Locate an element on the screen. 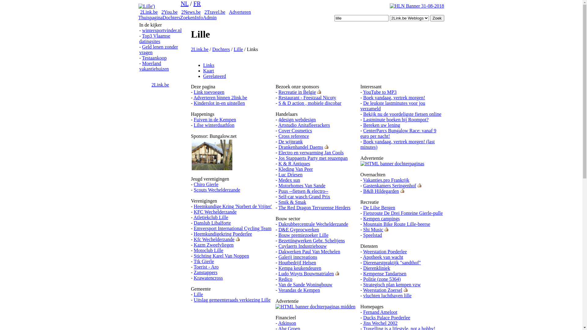  '2You.be' is located at coordinates (161, 12).